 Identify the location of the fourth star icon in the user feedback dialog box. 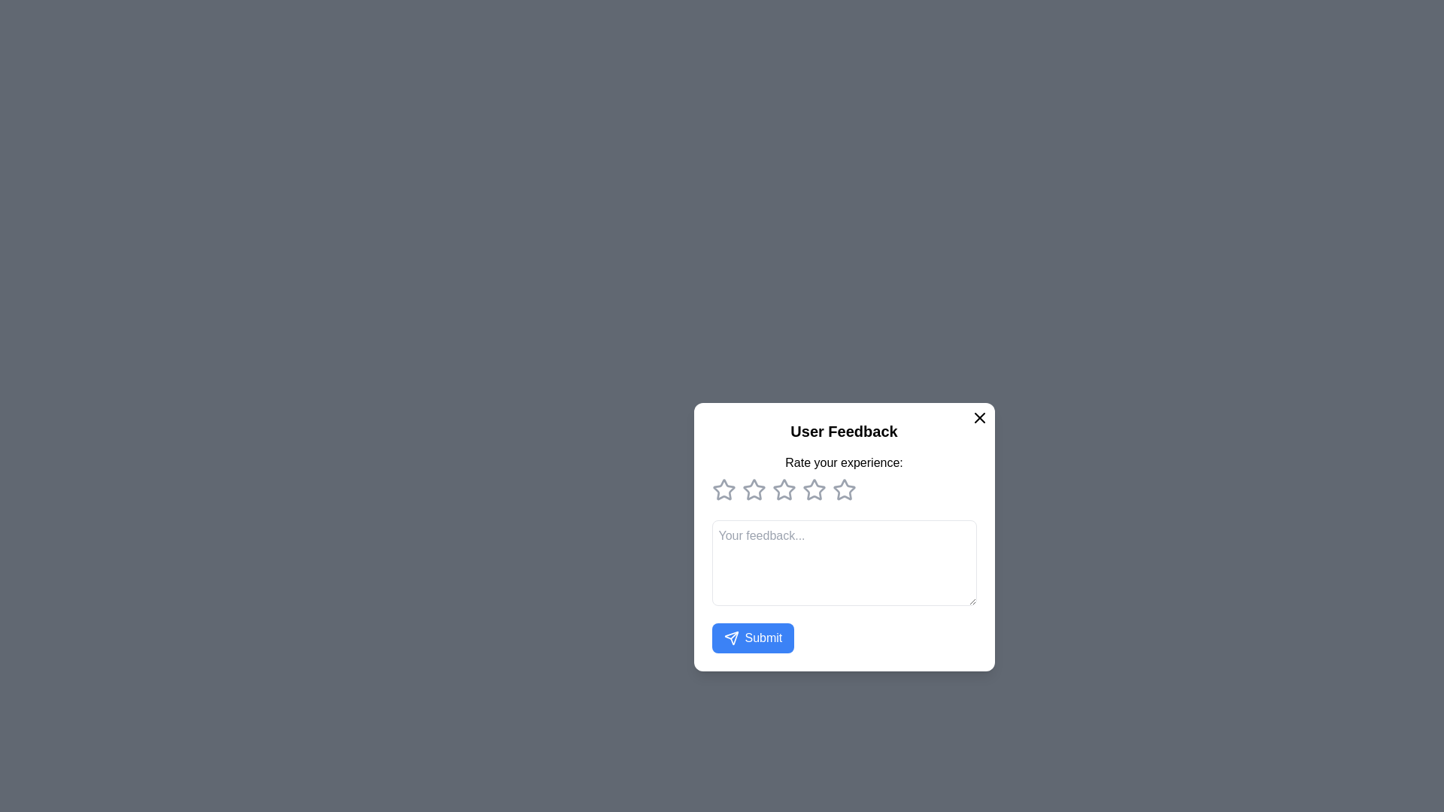
(844, 489).